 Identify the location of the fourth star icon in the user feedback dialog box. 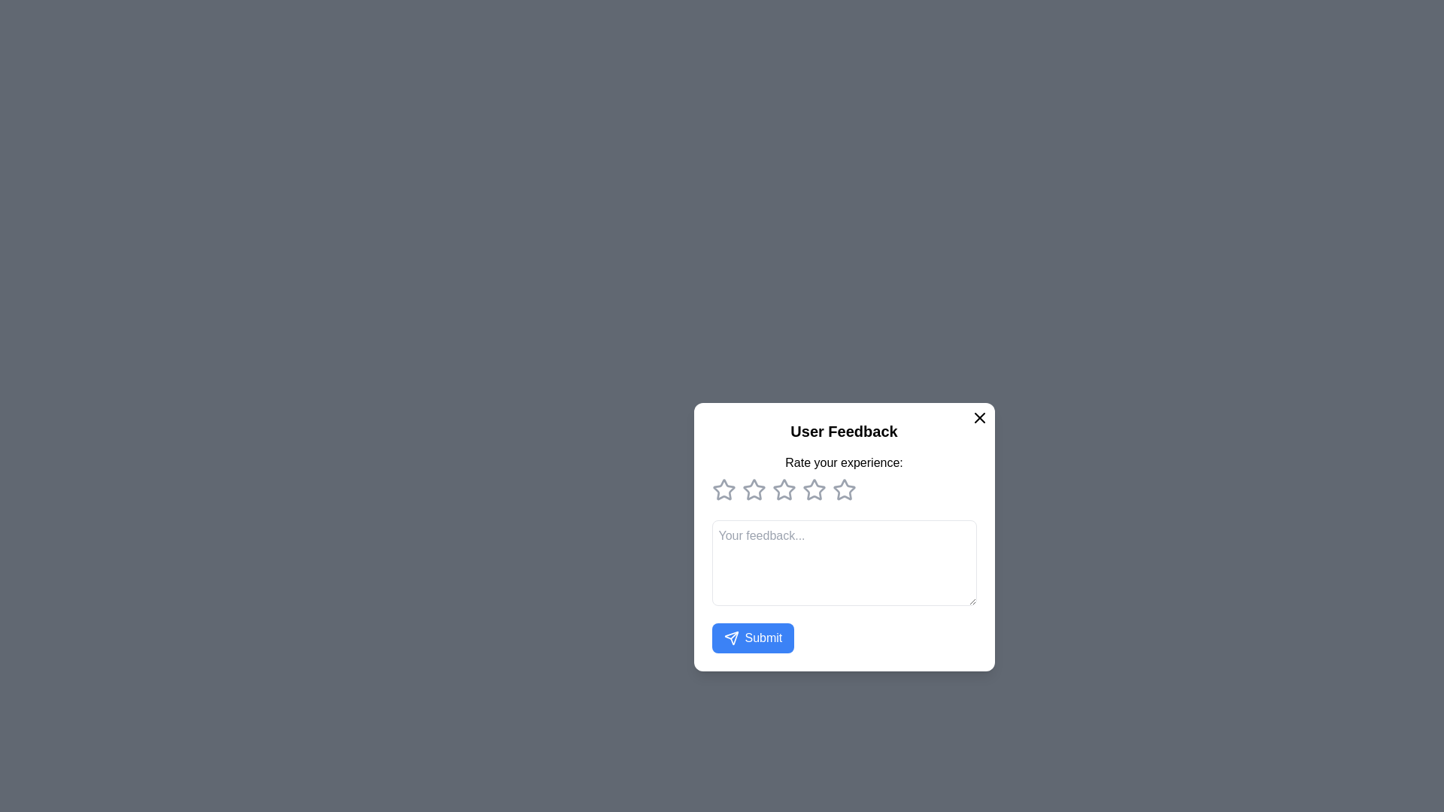
(844, 489).